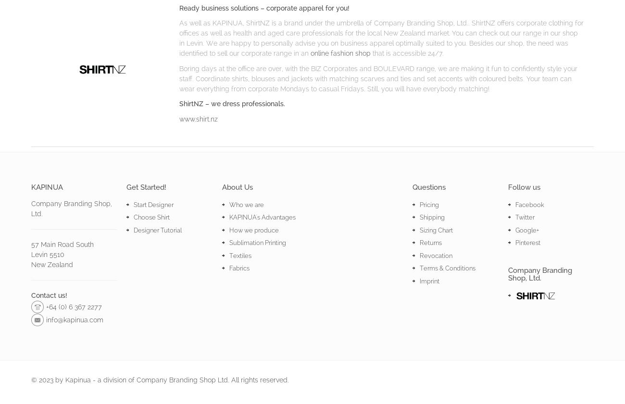 The height and width of the screenshot is (404, 625). What do you see at coordinates (153, 204) in the screenshot?
I see `'Start Designer'` at bounding box center [153, 204].